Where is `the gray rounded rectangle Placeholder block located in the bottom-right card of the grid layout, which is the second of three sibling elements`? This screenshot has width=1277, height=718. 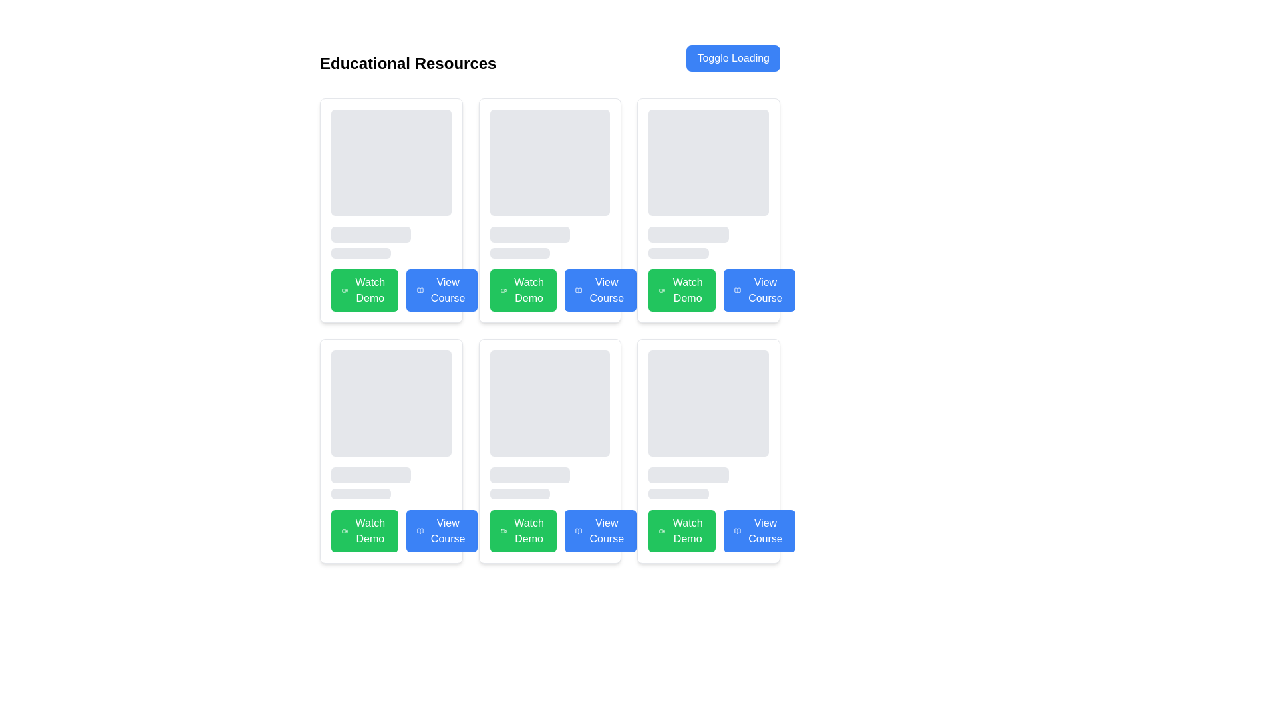 the gray rounded rectangle Placeholder block located in the bottom-right card of the grid layout, which is the second of three sibling elements is located at coordinates (688, 474).